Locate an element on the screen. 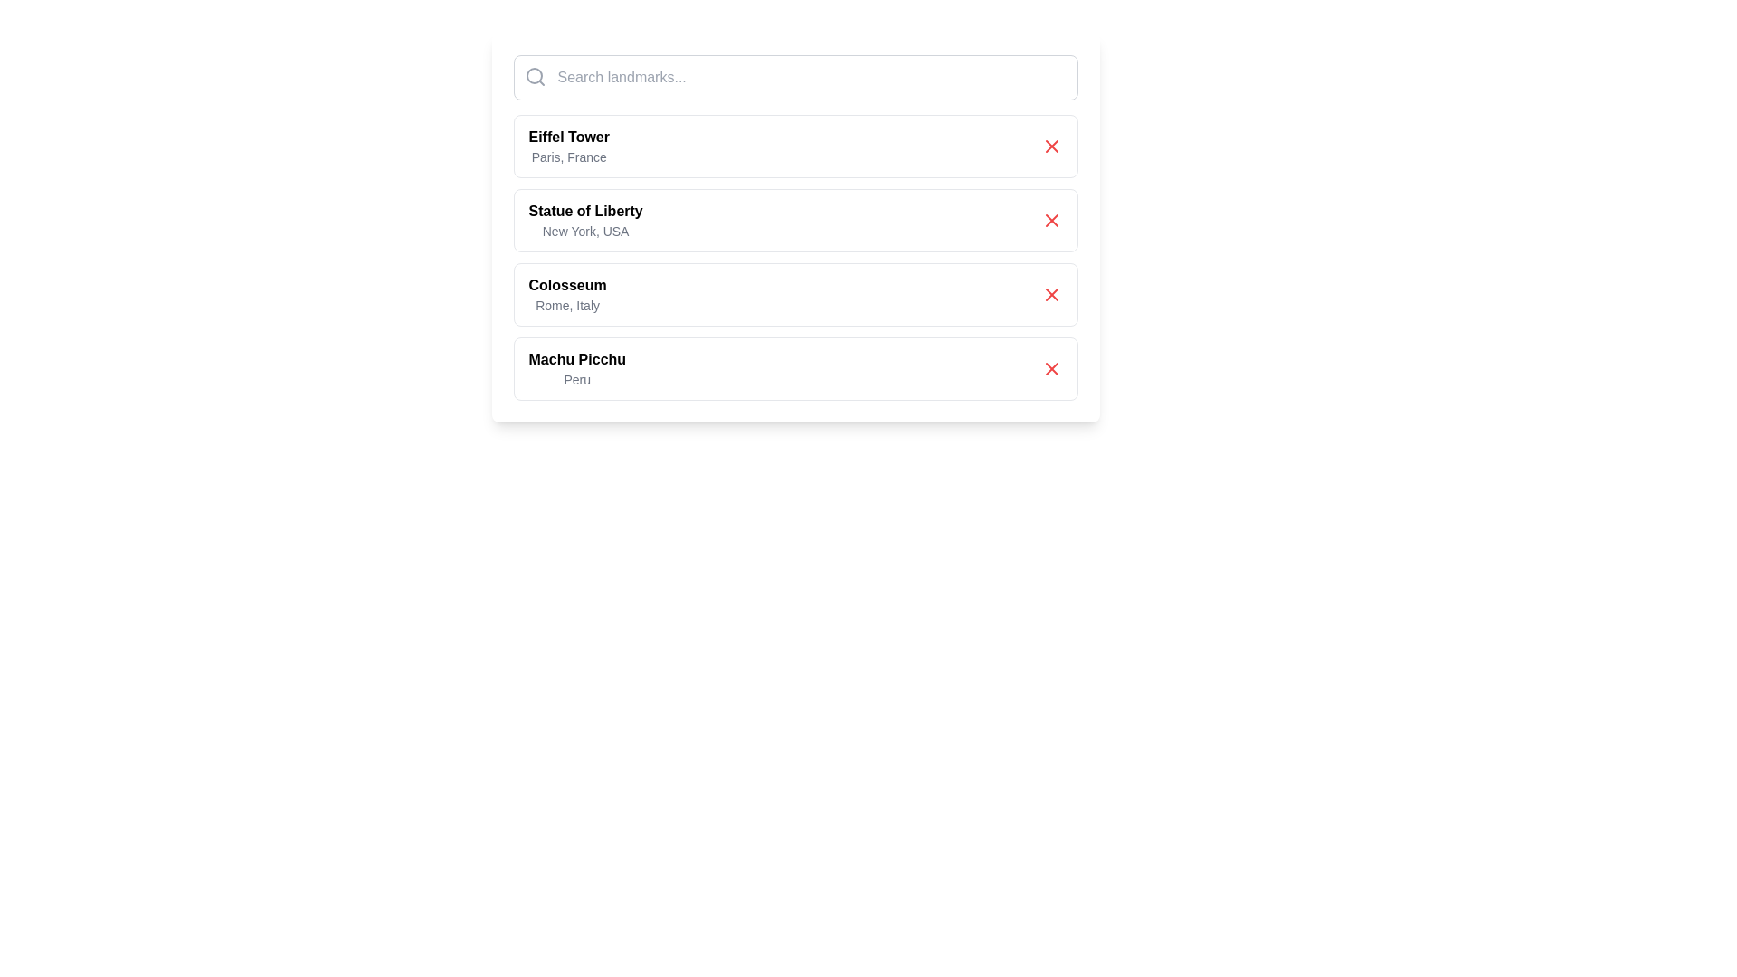 The image size is (1737, 977). the main title label for the associated landmark entry, which is located at the bottom of the vertically stacked list, above the subtext 'Peru' and below the entries for 'Colosseum', 'Statue of Liberty', and 'Eiffel Tower' is located at coordinates (576, 359).